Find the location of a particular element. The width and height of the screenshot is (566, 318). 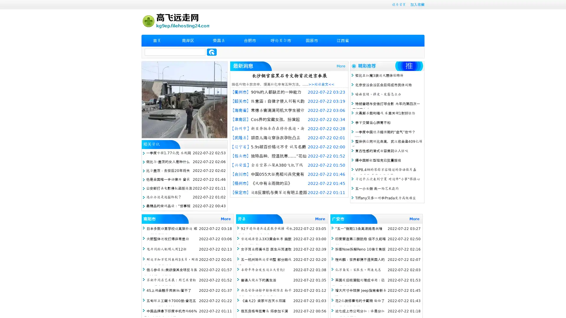

Search is located at coordinates (212, 52).